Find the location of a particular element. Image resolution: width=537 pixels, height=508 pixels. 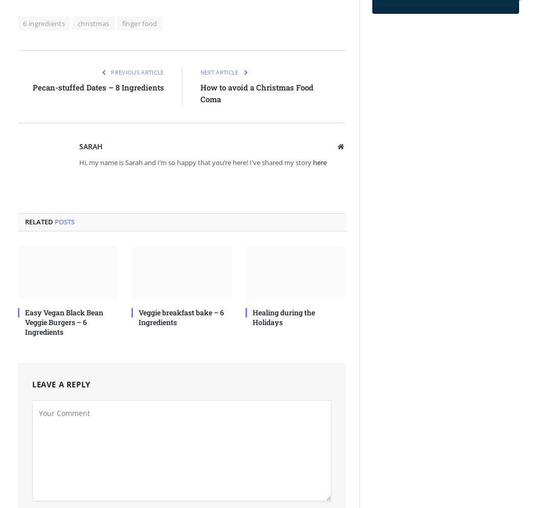

'Veggie breakfast bake – 6 Ingredients' is located at coordinates (181, 316).